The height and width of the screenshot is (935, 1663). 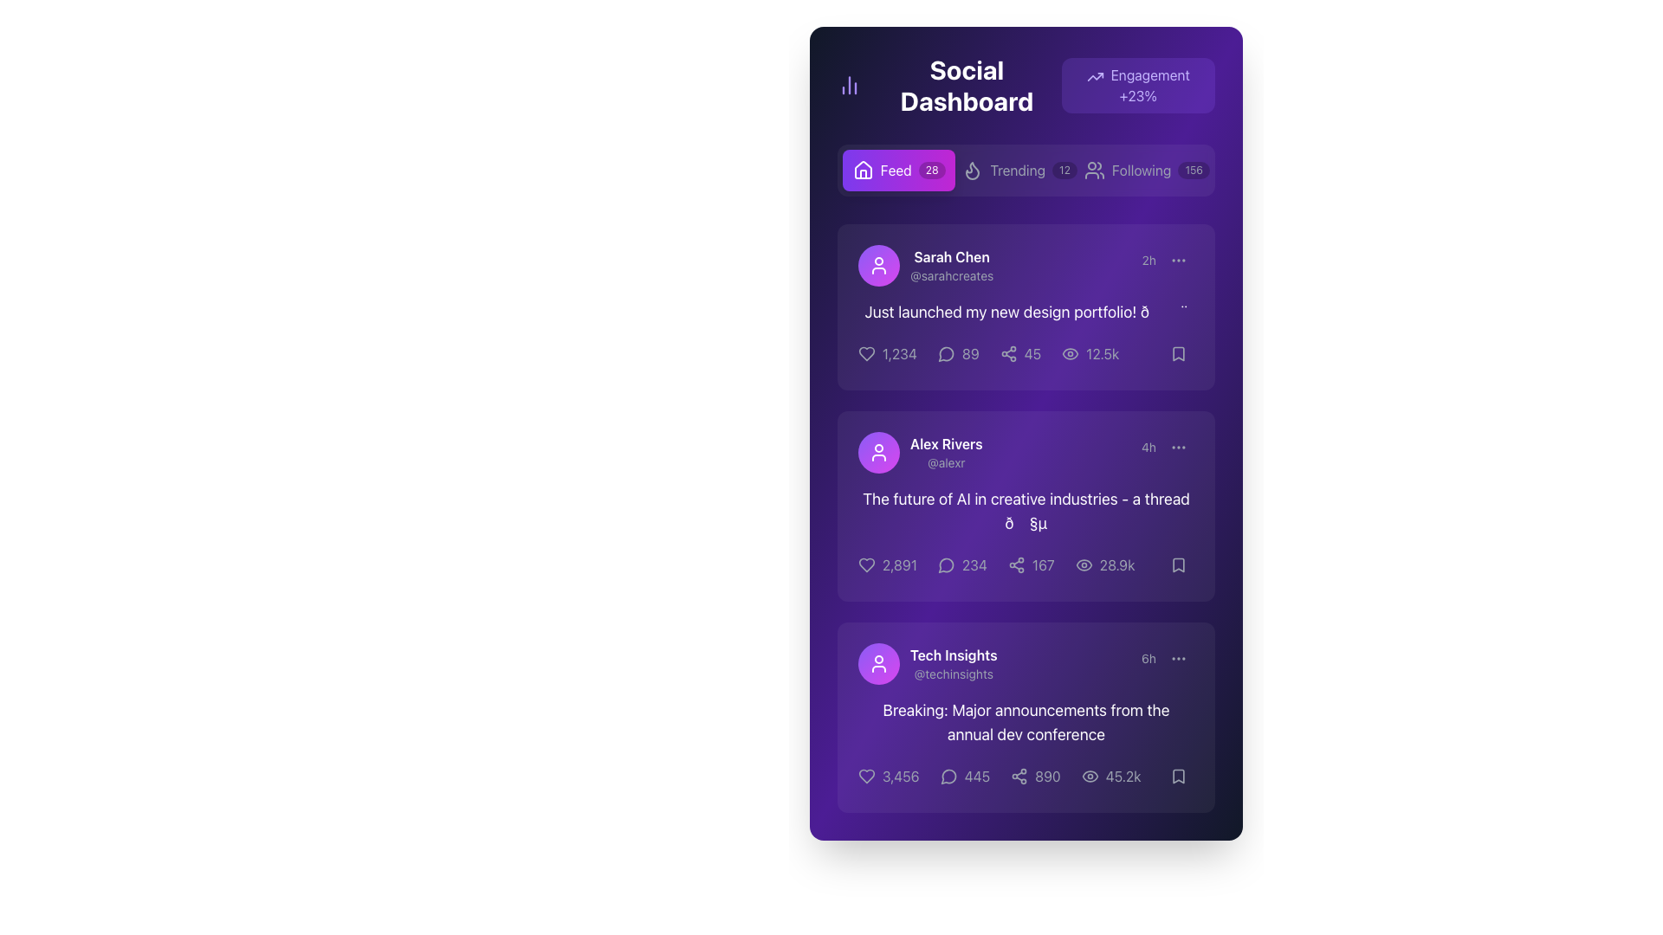 I want to click on the interactive label representing the like count for a social media post to increment the like count and update the visual elements, so click(x=886, y=564).